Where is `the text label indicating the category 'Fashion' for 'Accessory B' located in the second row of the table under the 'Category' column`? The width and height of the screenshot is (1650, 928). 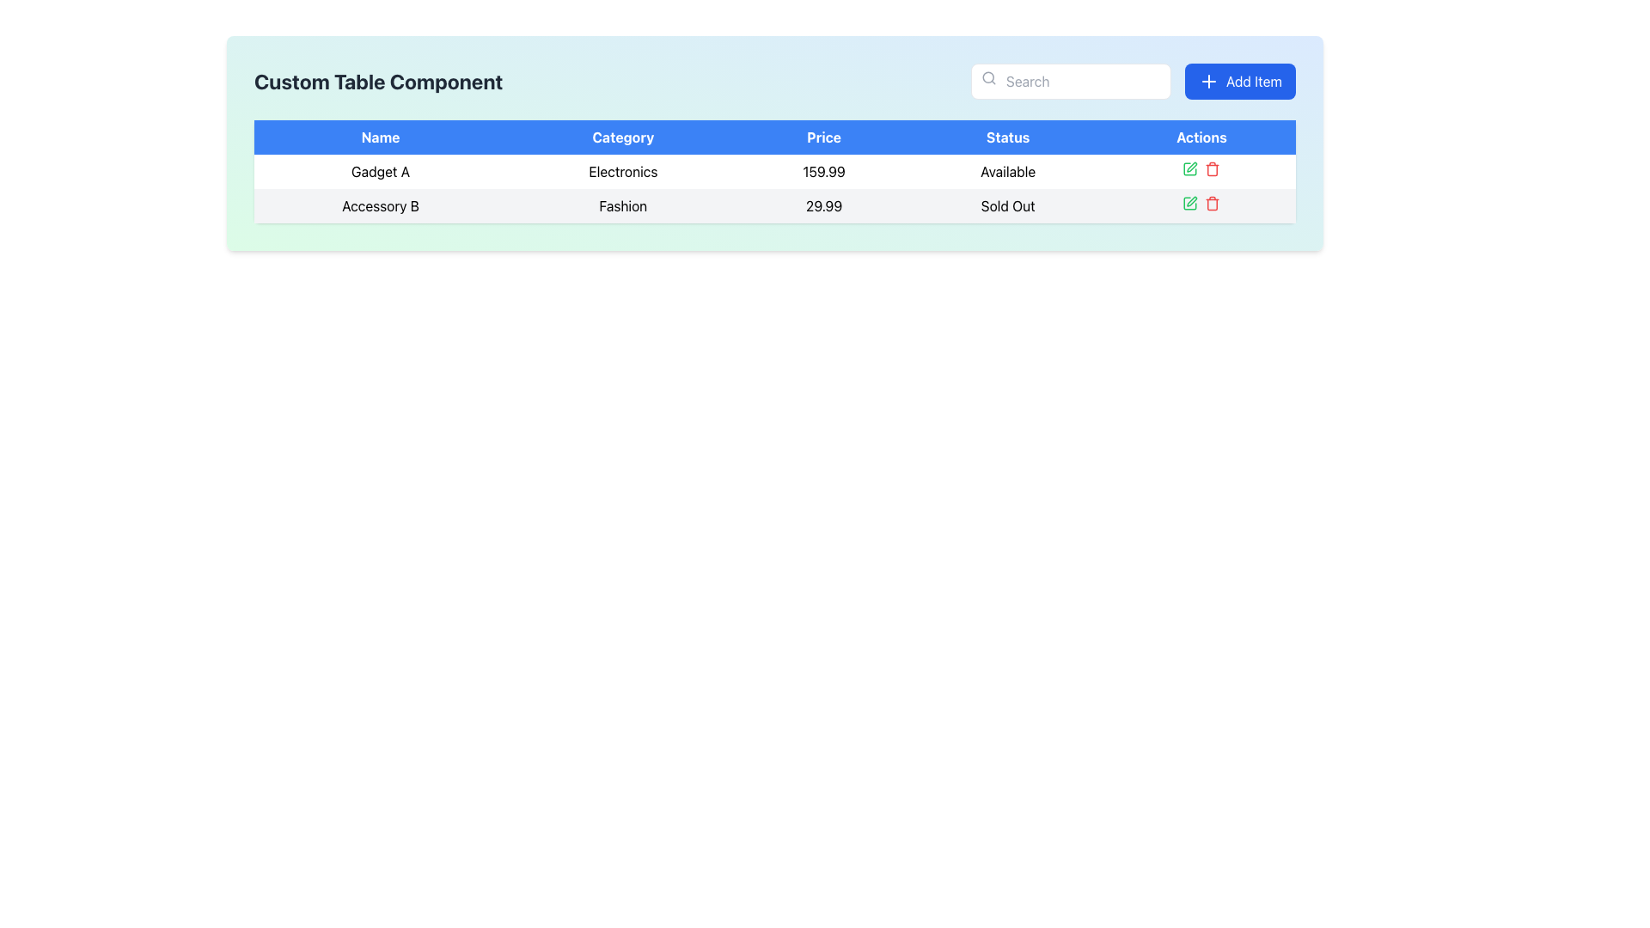 the text label indicating the category 'Fashion' for 'Accessory B' located in the second row of the table under the 'Category' column is located at coordinates (622, 205).